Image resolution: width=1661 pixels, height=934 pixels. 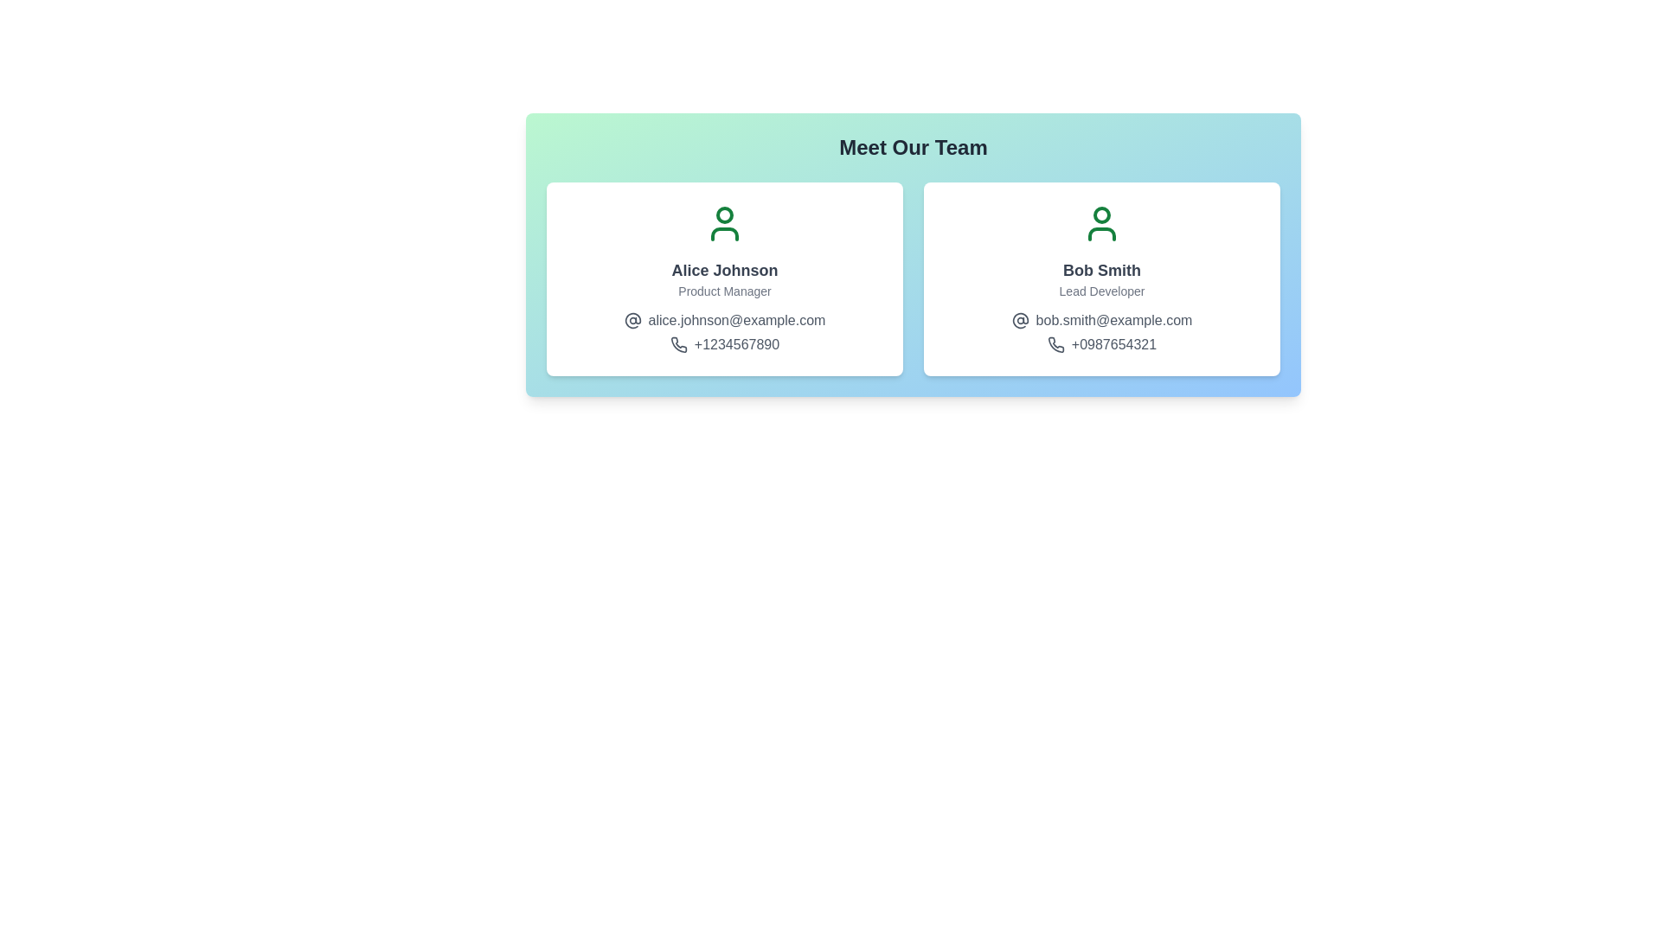 I want to click on the circular user icon within the SVG component representing the head of the user figure above 'Alice Johnson' in the profile card, so click(x=725, y=214).